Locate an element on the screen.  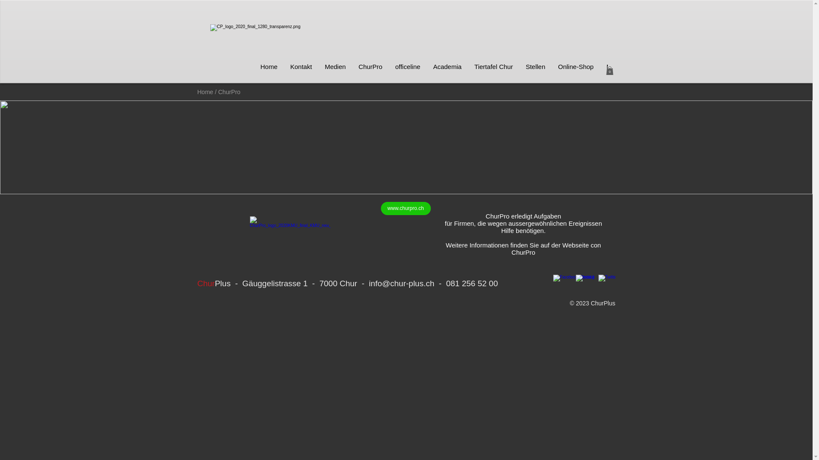
'www.churpro.ch' is located at coordinates (380, 208).